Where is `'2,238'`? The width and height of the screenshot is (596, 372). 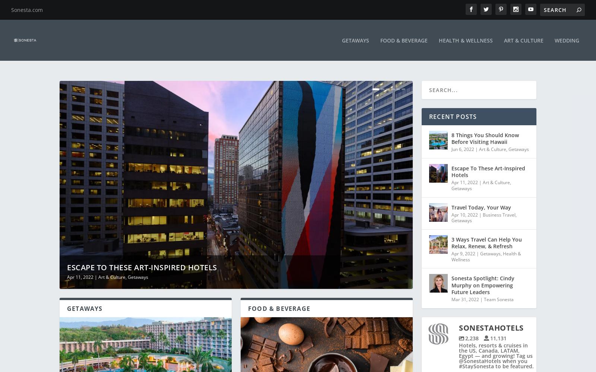 '2,238' is located at coordinates (472, 332).